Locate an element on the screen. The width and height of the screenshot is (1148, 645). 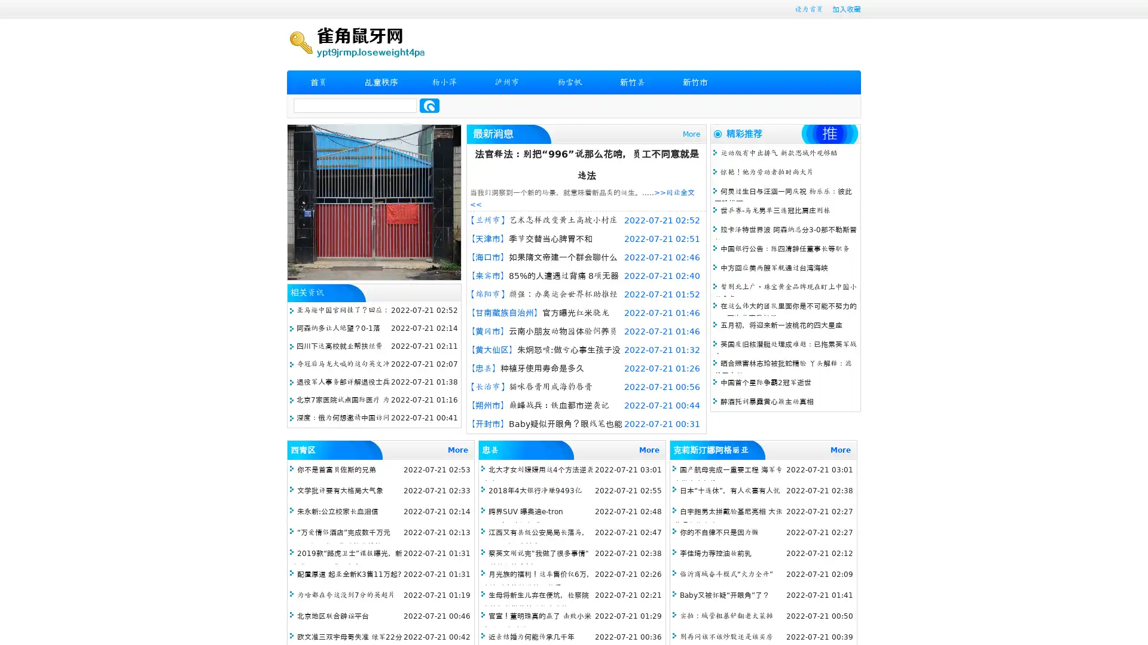
Search is located at coordinates (429, 105).